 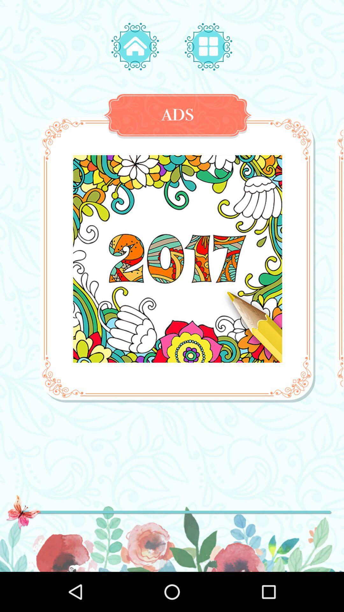 I want to click on the home icon, so click(x=135, y=46).